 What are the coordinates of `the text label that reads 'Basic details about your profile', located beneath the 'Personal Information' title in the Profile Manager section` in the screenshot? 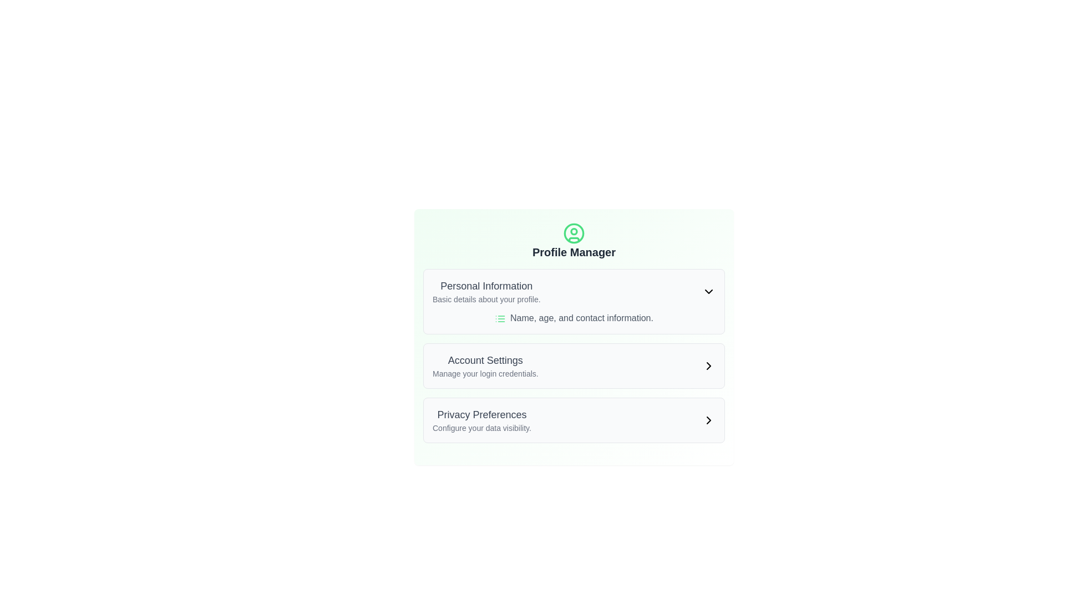 It's located at (486, 299).